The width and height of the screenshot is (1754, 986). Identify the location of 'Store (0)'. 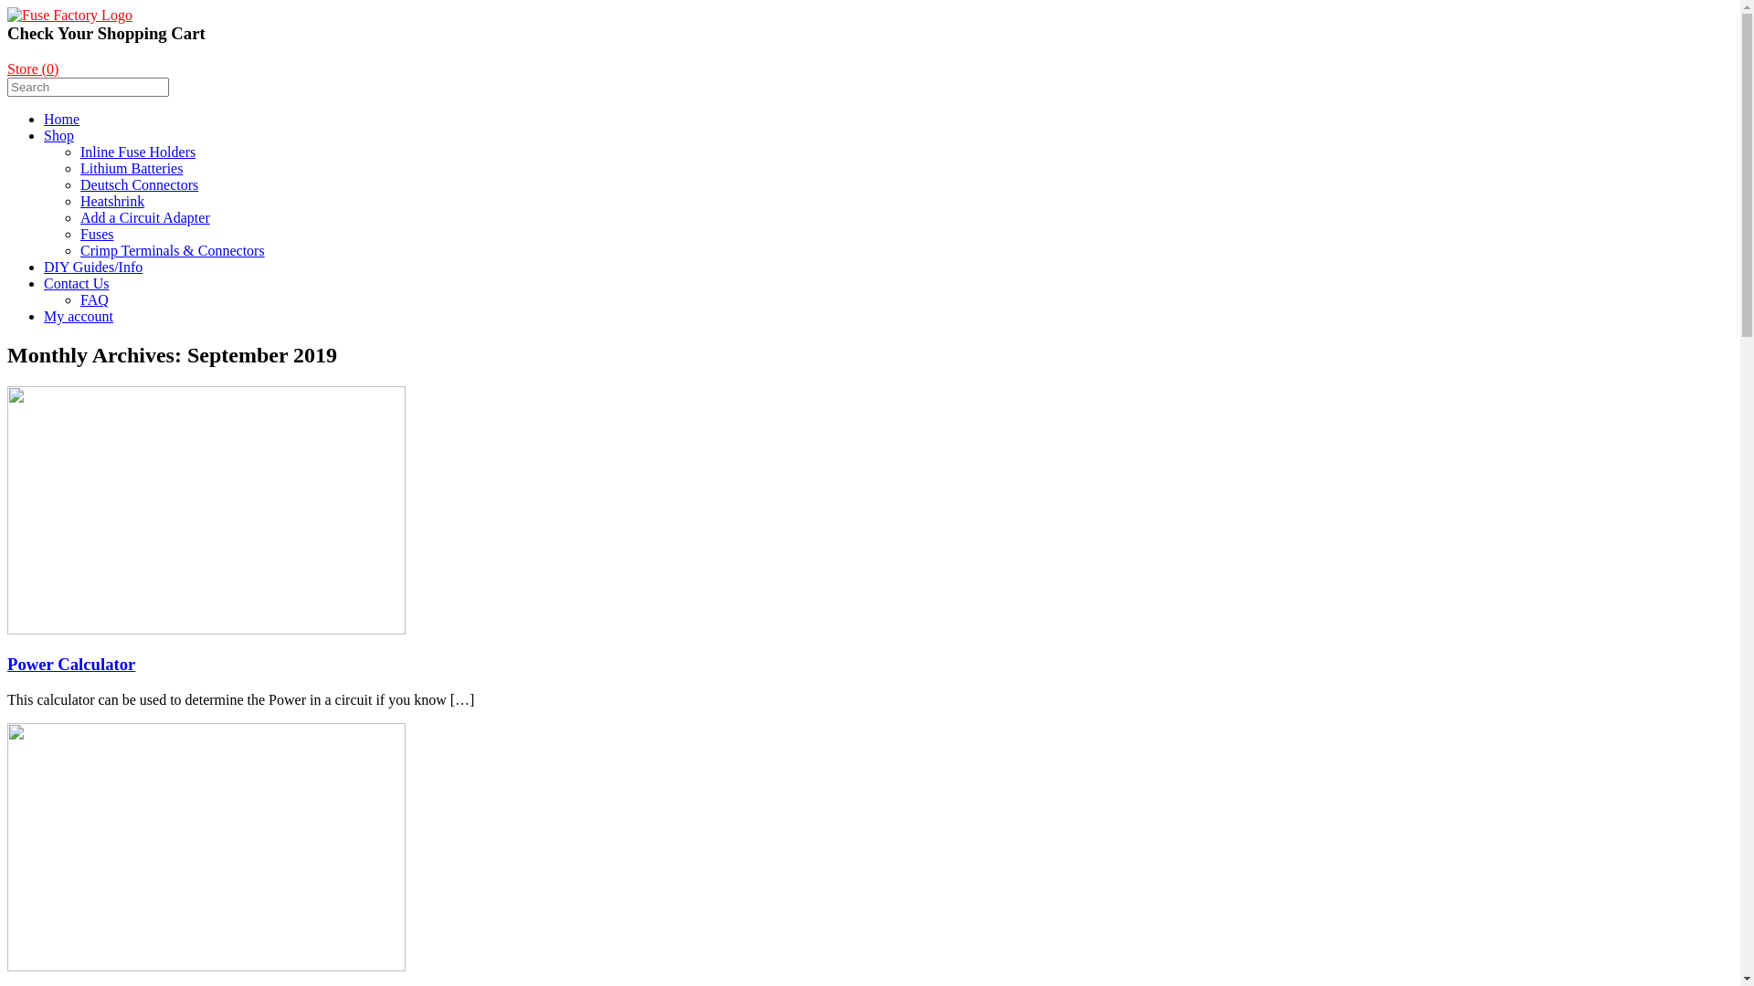
(32, 68).